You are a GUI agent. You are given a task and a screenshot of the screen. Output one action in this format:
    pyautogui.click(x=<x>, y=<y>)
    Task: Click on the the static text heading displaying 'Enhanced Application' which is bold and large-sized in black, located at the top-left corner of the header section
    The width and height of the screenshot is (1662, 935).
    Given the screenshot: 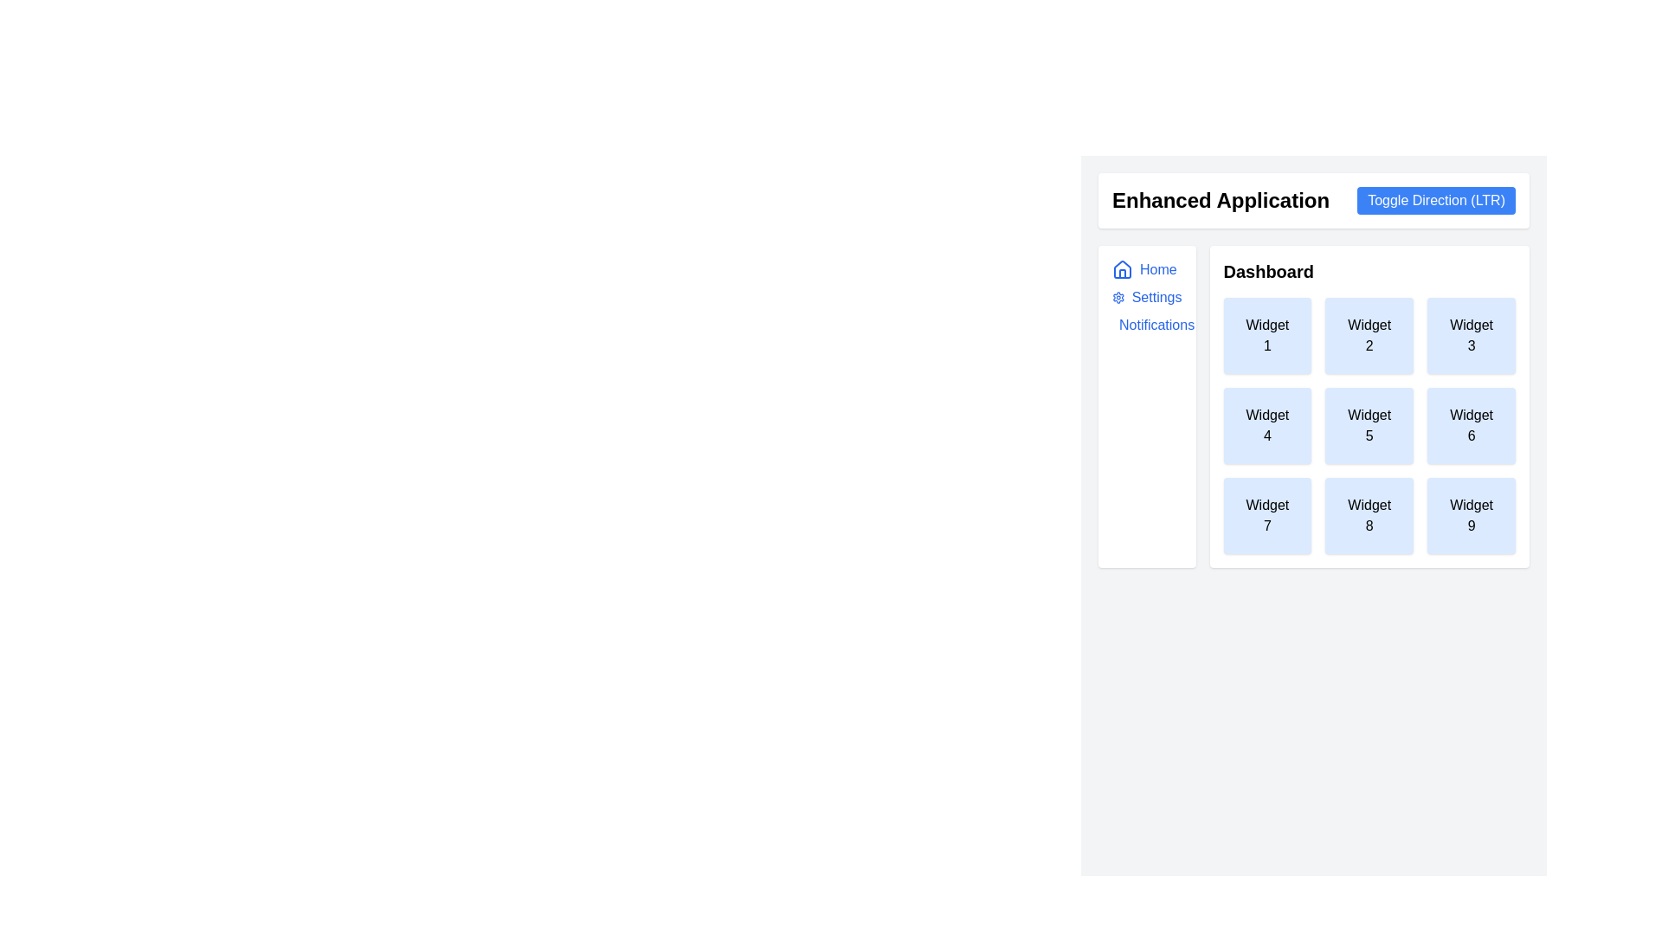 What is the action you would take?
    pyautogui.click(x=1220, y=199)
    